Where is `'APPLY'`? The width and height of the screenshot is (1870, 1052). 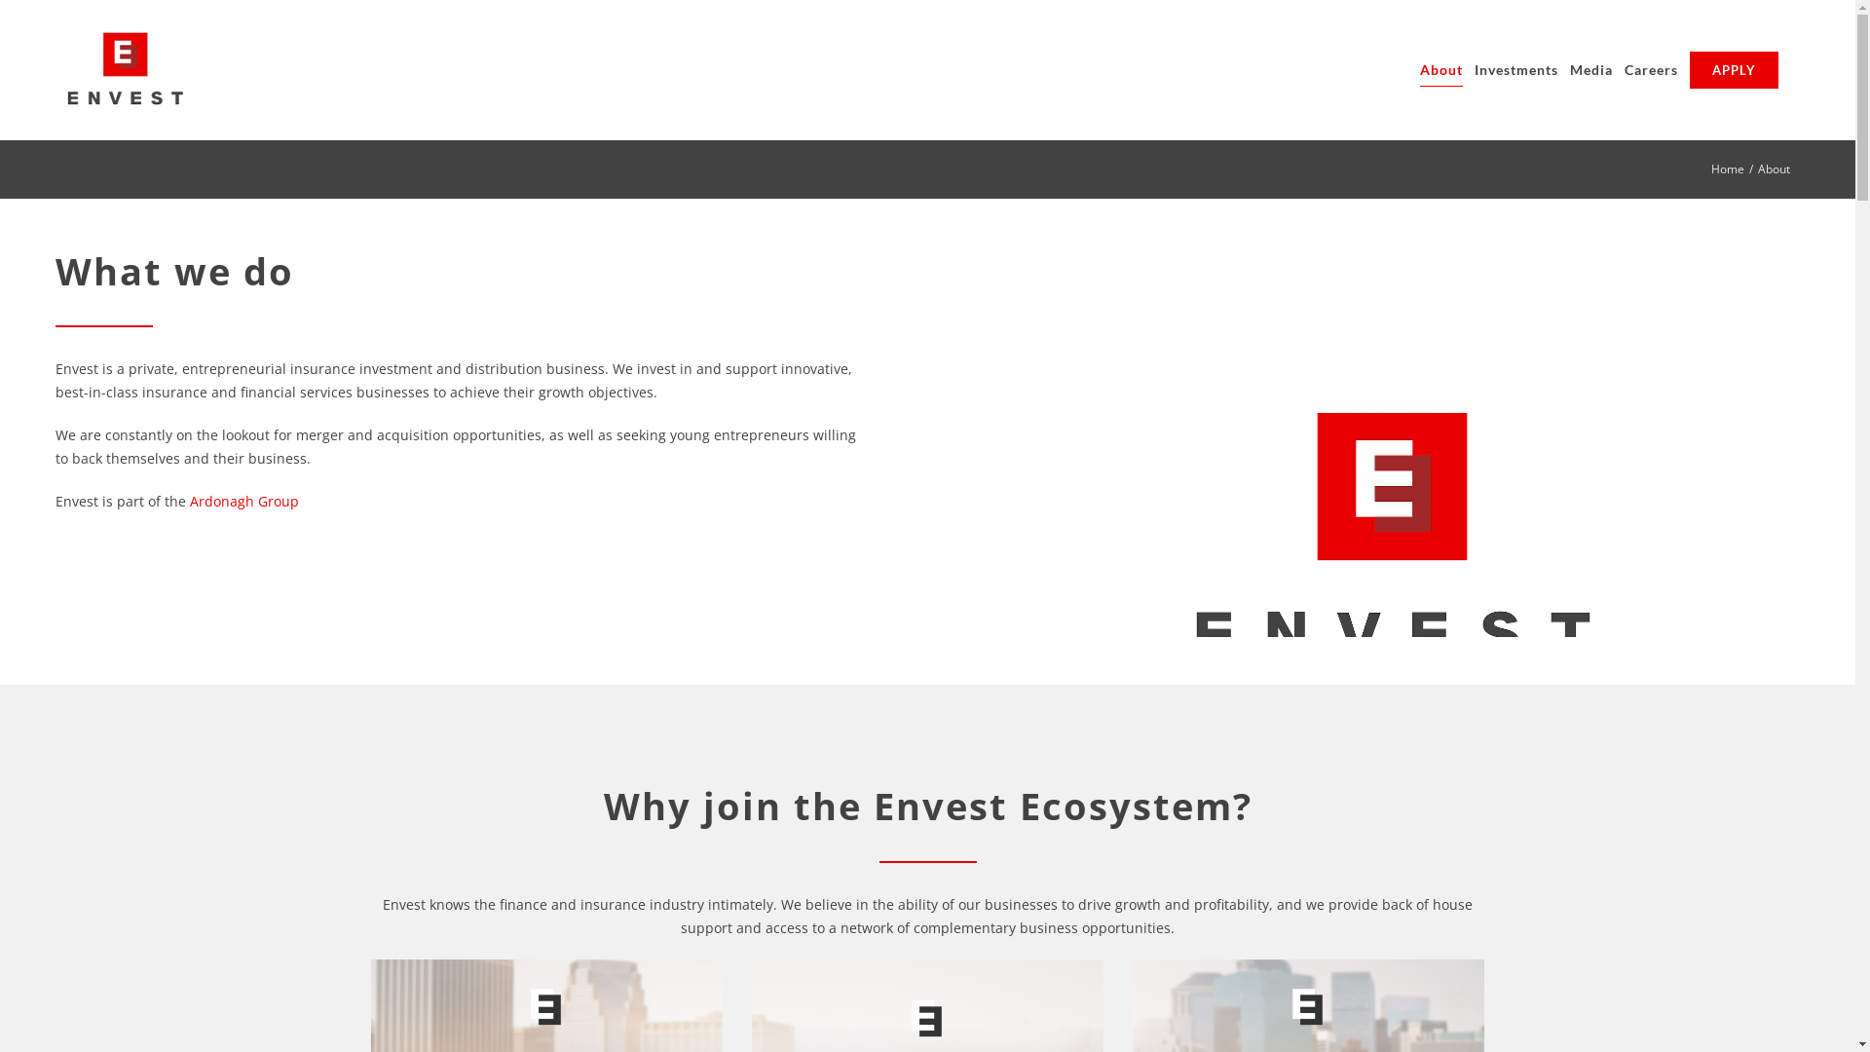
'APPLY' is located at coordinates (1734, 69).